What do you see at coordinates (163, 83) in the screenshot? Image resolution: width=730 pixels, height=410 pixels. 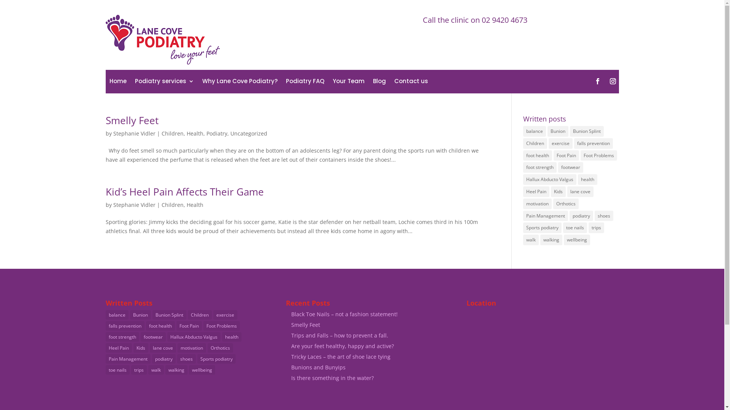 I see `'Podiatry services'` at bounding box center [163, 83].